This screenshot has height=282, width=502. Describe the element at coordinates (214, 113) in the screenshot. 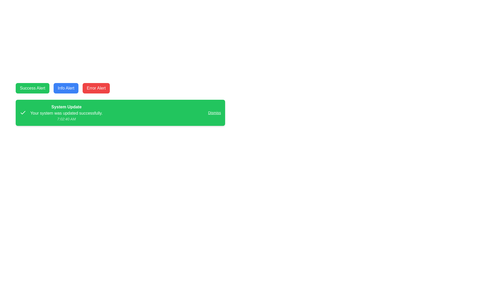

I see `the 'Dismiss' text link button, which is styled in italicized font and underlined` at that location.